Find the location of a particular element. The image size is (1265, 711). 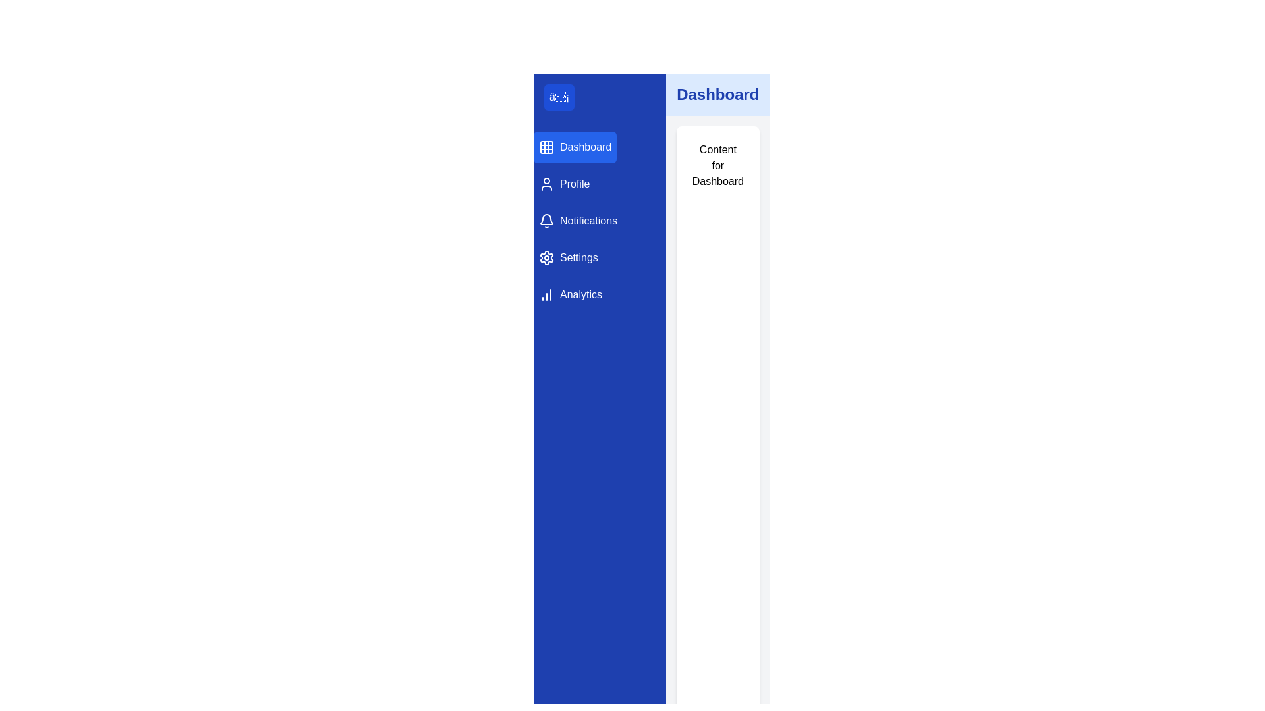

the navigational text label for notifications, which is the third item in the vertical navigation menu, located to the right of the bell icon is located at coordinates (588, 220).